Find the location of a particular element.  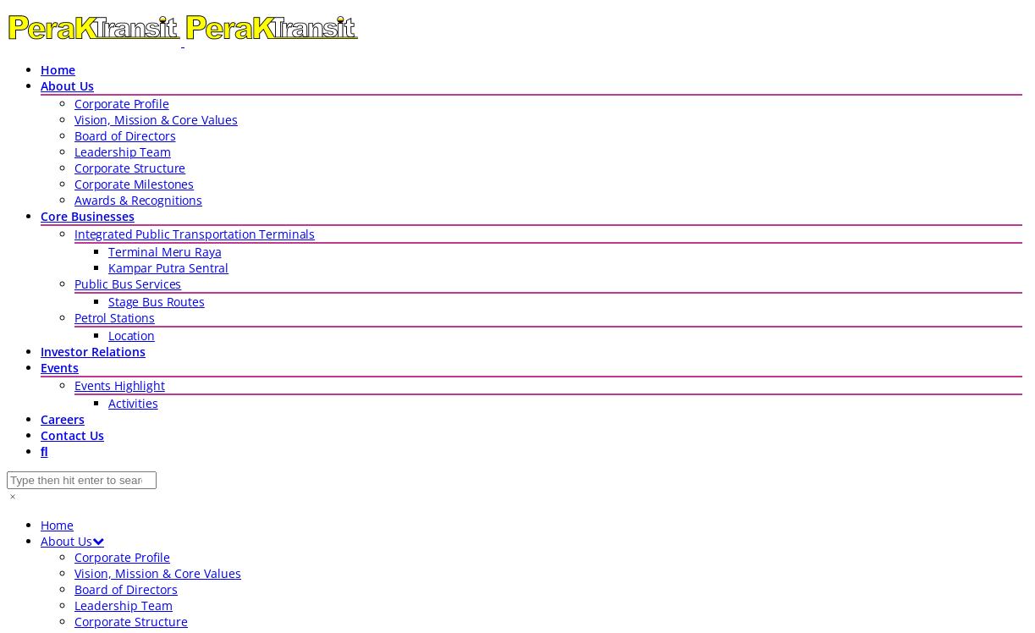

'Activities' is located at coordinates (133, 403).